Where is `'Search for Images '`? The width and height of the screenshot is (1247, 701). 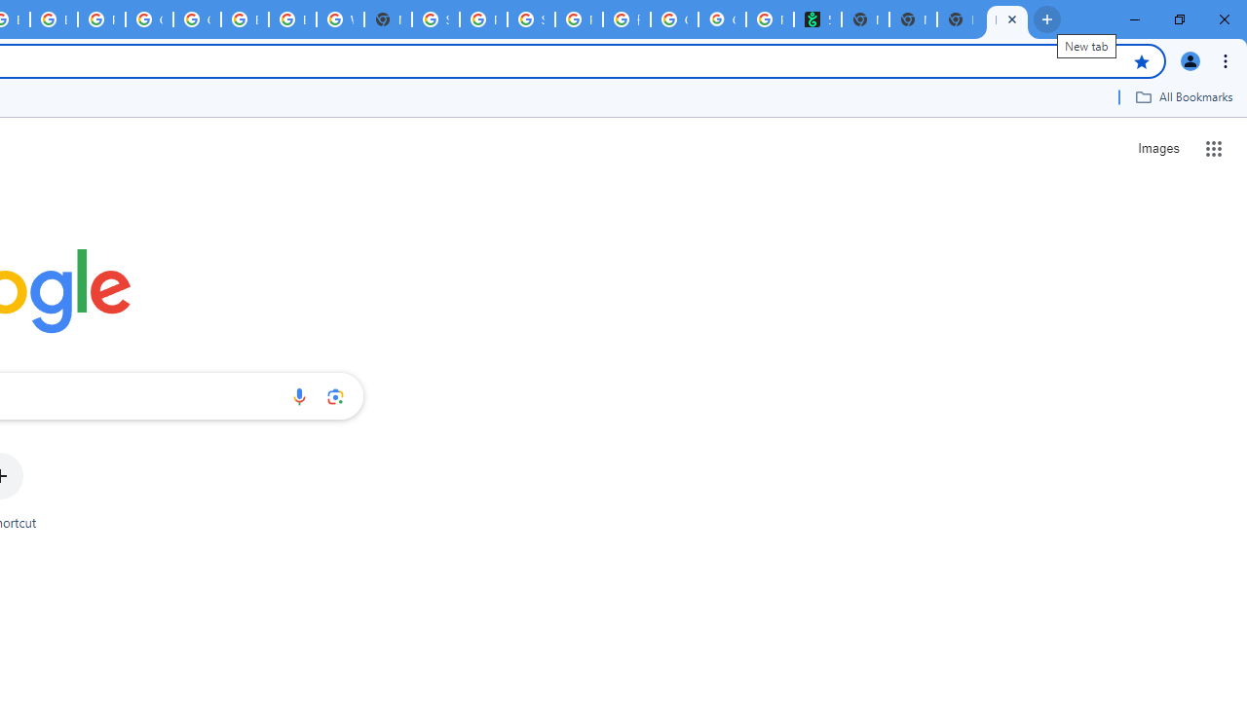
'Search for Images ' is located at coordinates (1158, 148).